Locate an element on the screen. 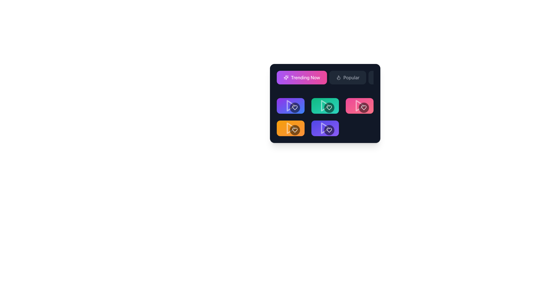  the button displaying '178K' with a thumbs-up icon to engage with the represented action is located at coordinates (294, 125).